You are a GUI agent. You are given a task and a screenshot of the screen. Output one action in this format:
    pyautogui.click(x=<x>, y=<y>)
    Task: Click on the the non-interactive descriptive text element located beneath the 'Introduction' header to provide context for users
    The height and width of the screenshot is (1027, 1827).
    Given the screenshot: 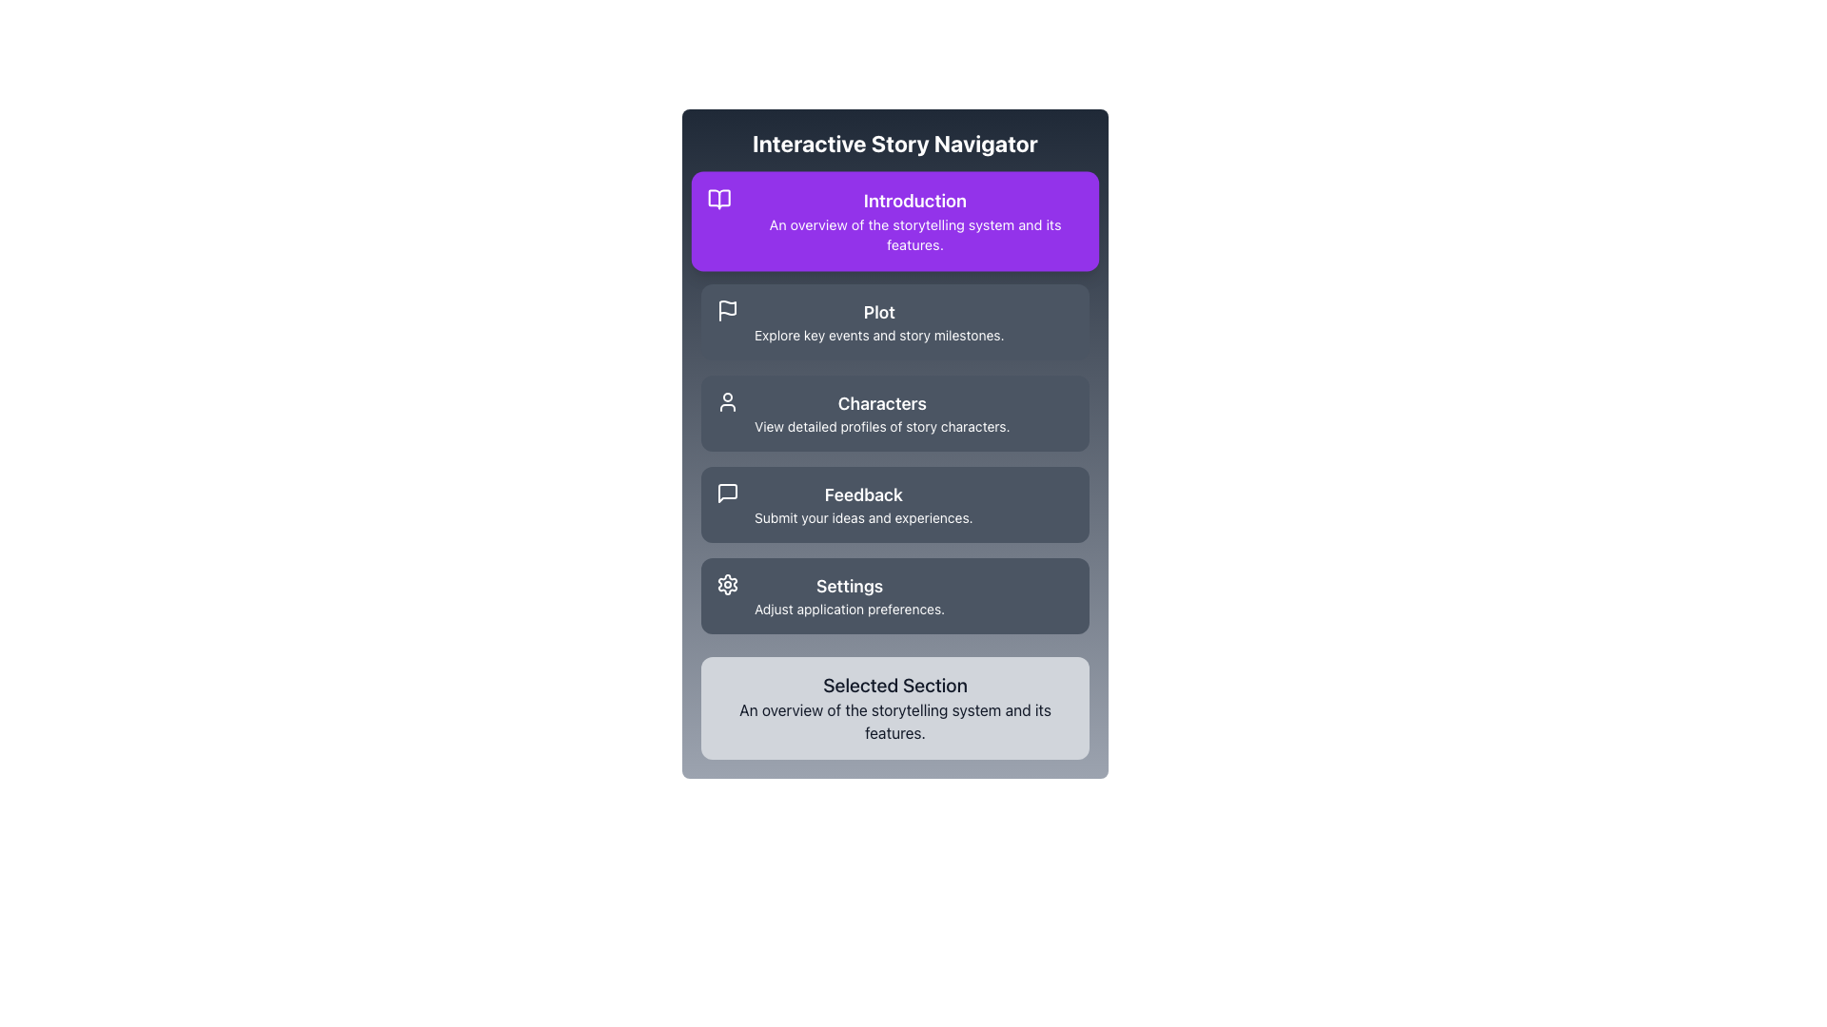 What is the action you would take?
    pyautogui.click(x=914, y=234)
    